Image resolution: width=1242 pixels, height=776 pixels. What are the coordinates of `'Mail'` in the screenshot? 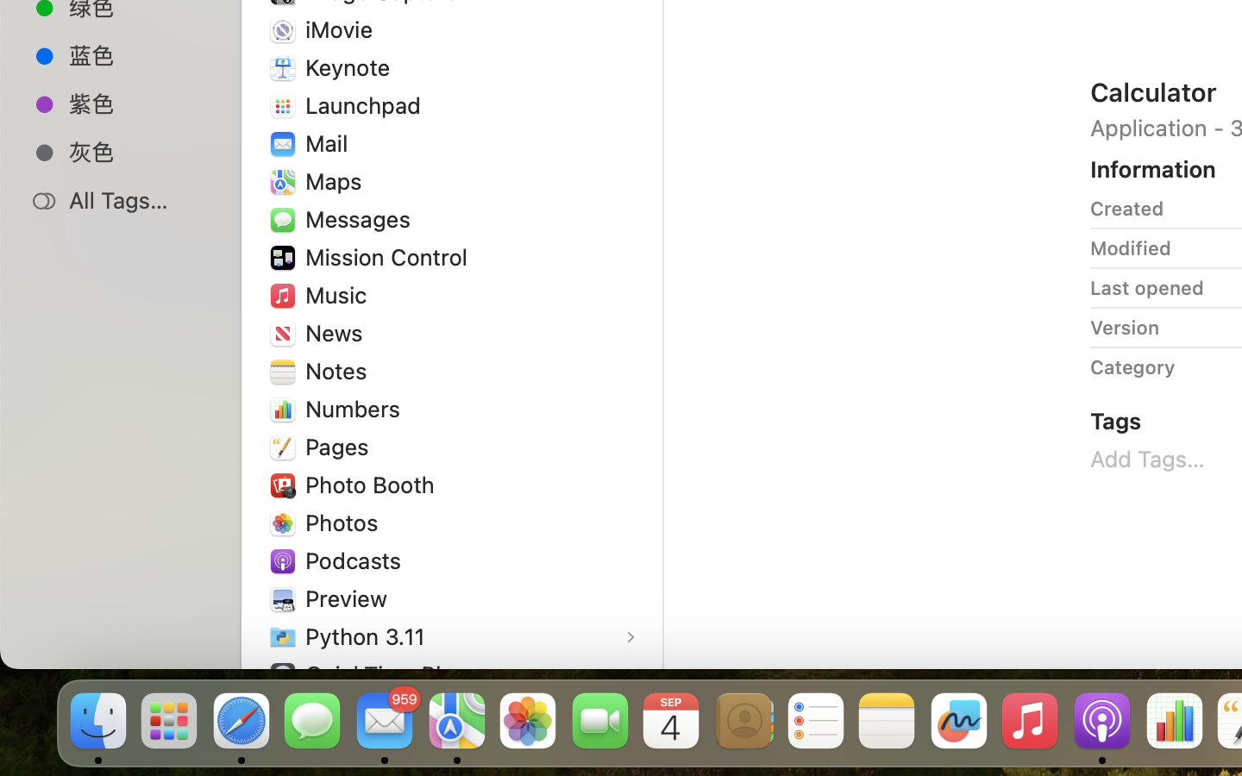 It's located at (329, 142).